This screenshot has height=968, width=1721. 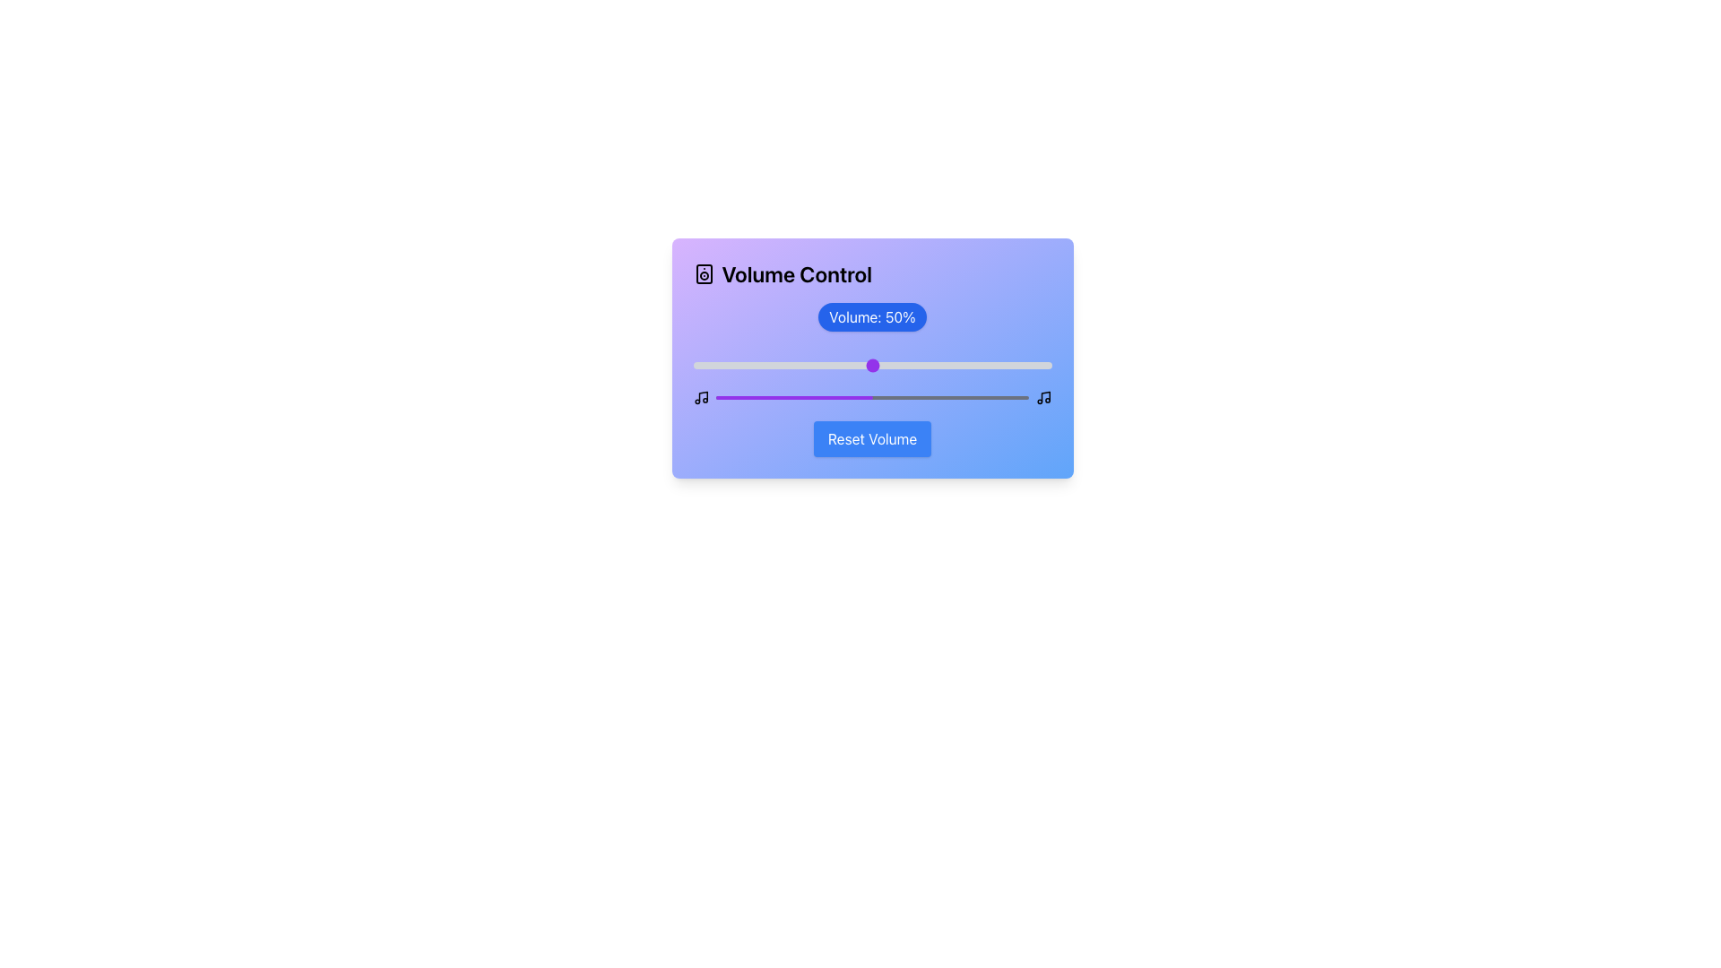 I want to click on volume, so click(x=869, y=365).